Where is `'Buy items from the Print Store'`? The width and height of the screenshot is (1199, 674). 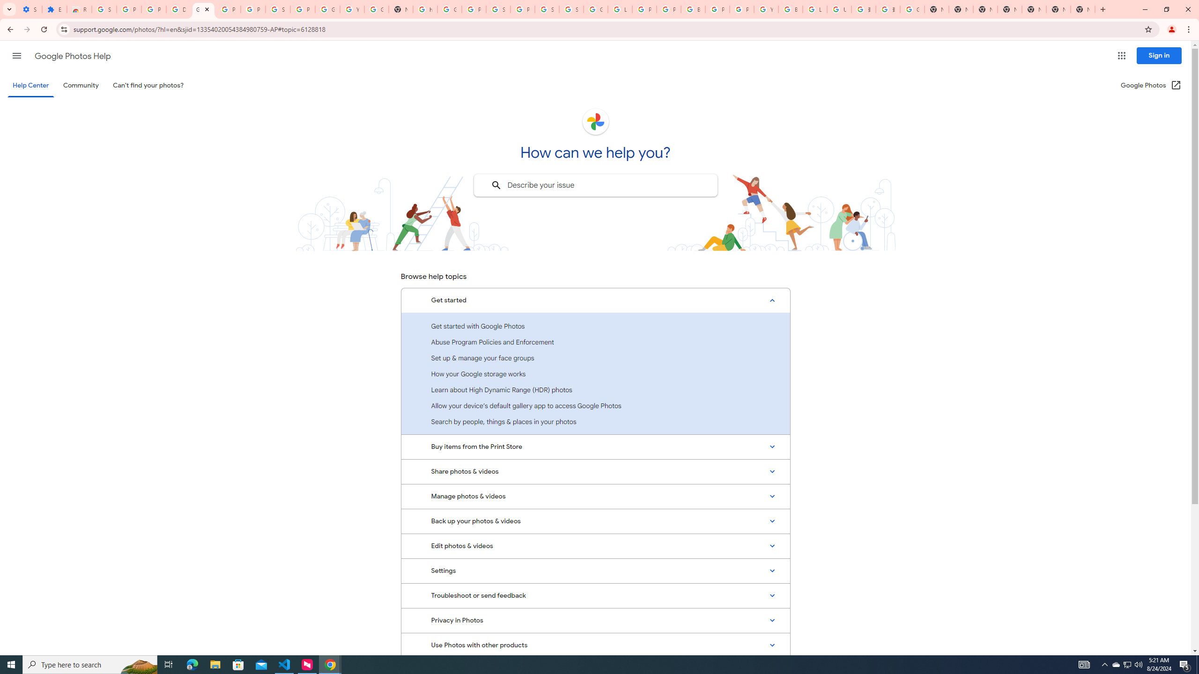 'Buy items from the Print Store' is located at coordinates (595, 446).